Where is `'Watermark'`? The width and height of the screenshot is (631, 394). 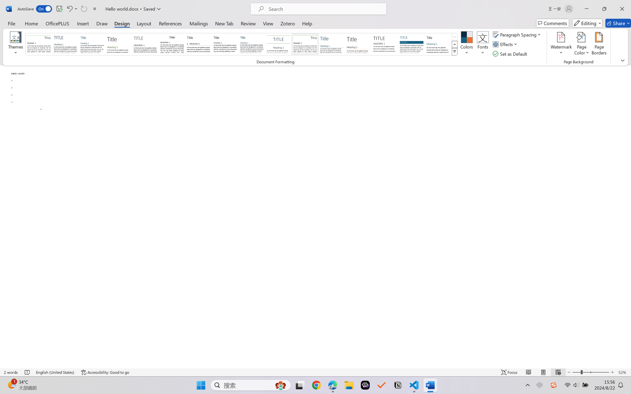
'Watermark' is located at coordinates (561, 44).